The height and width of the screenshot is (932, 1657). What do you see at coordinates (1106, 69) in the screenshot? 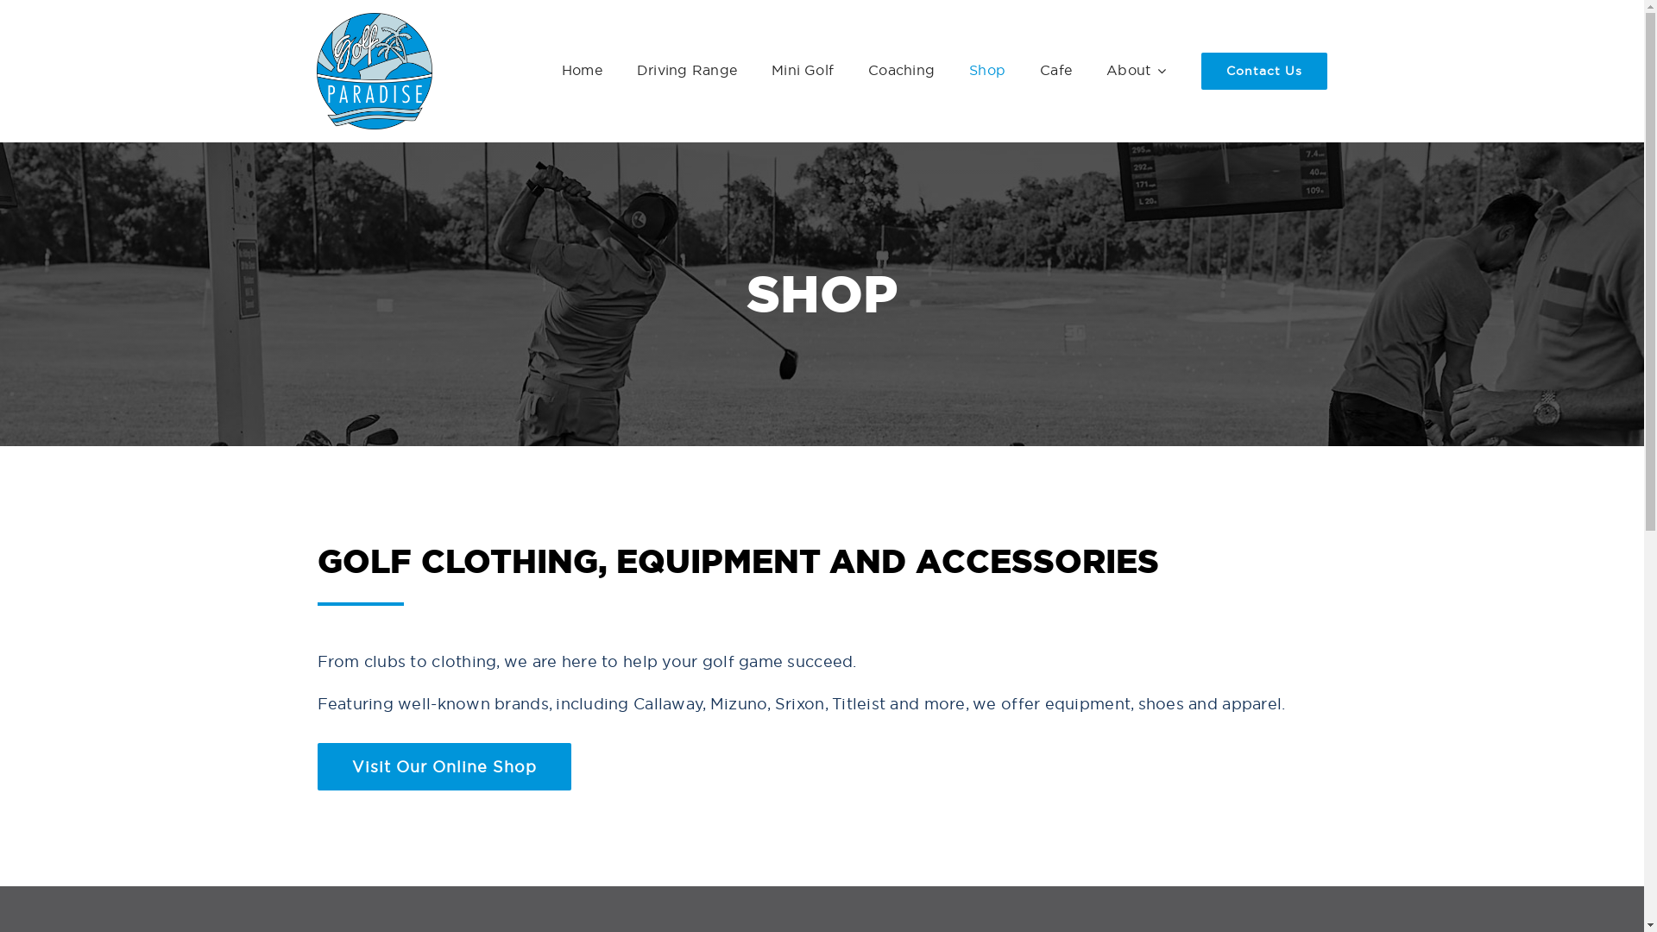
I see `'About'` at bounding box center [1106, 69].